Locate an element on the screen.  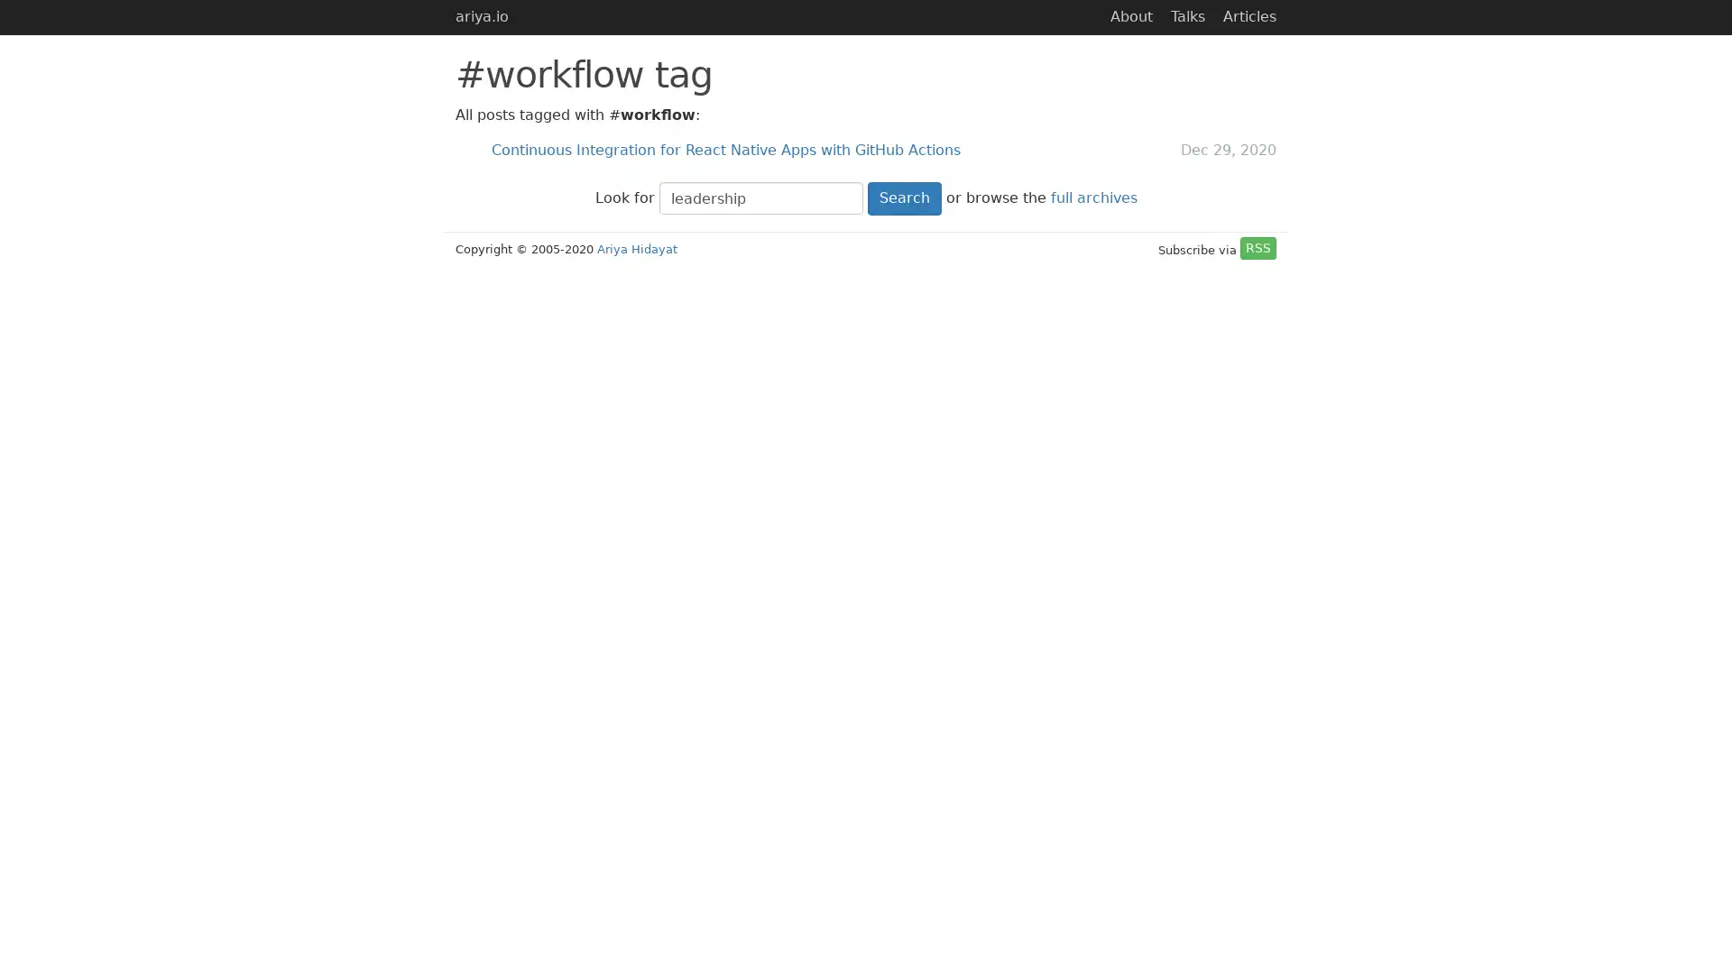
Search is located at coordinates (904, 198).